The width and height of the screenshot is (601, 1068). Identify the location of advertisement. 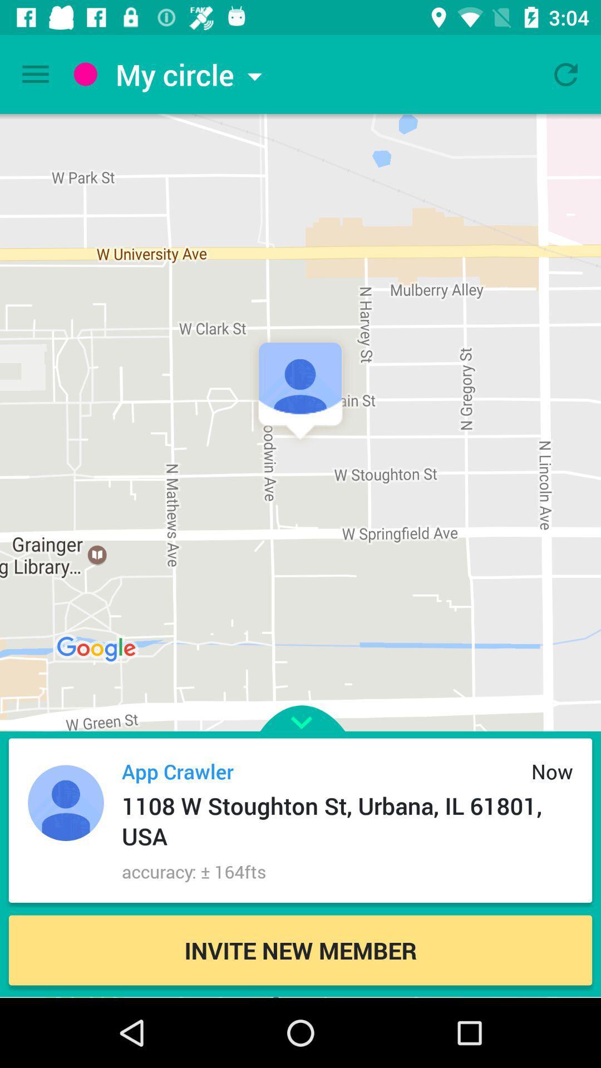
(300, 701).